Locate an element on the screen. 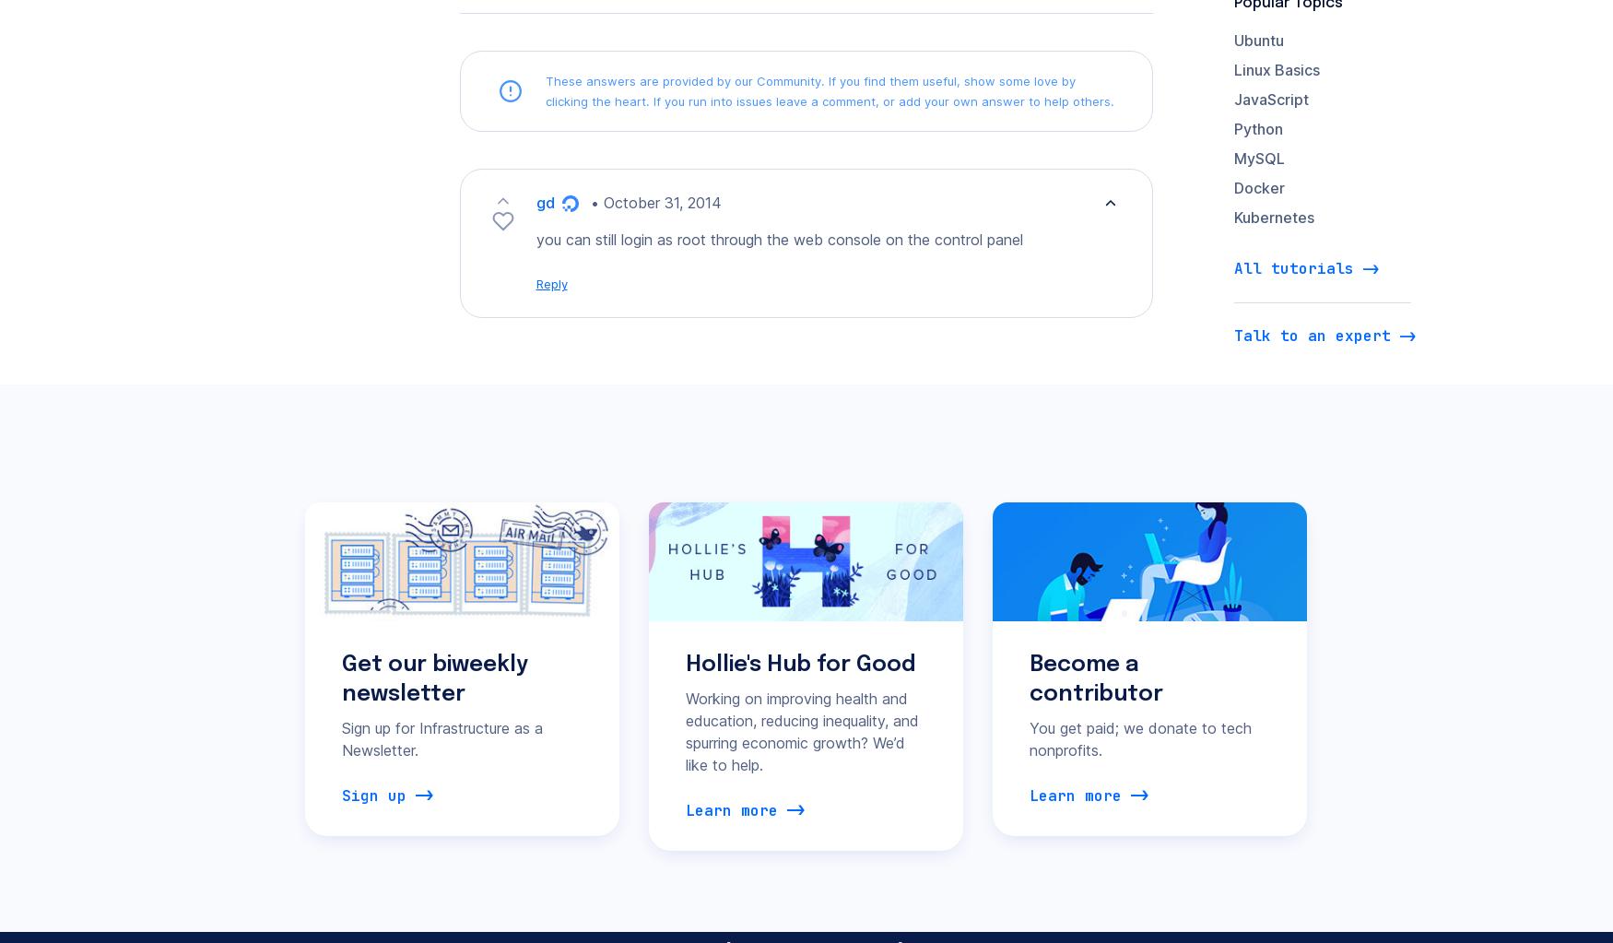 This screenshot has width=1613, height=943. 'Solutions' is located at coordinates (958, 148).